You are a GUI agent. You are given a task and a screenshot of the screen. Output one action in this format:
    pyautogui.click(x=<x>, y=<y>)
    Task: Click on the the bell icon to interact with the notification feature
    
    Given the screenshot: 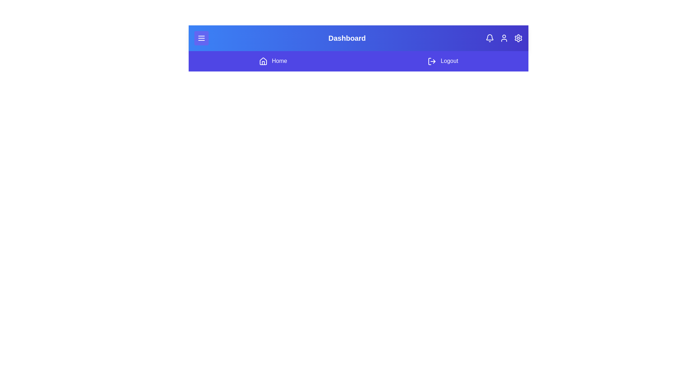 What is the action you would take?
    pyautogui.click(x=489, y=38)
    